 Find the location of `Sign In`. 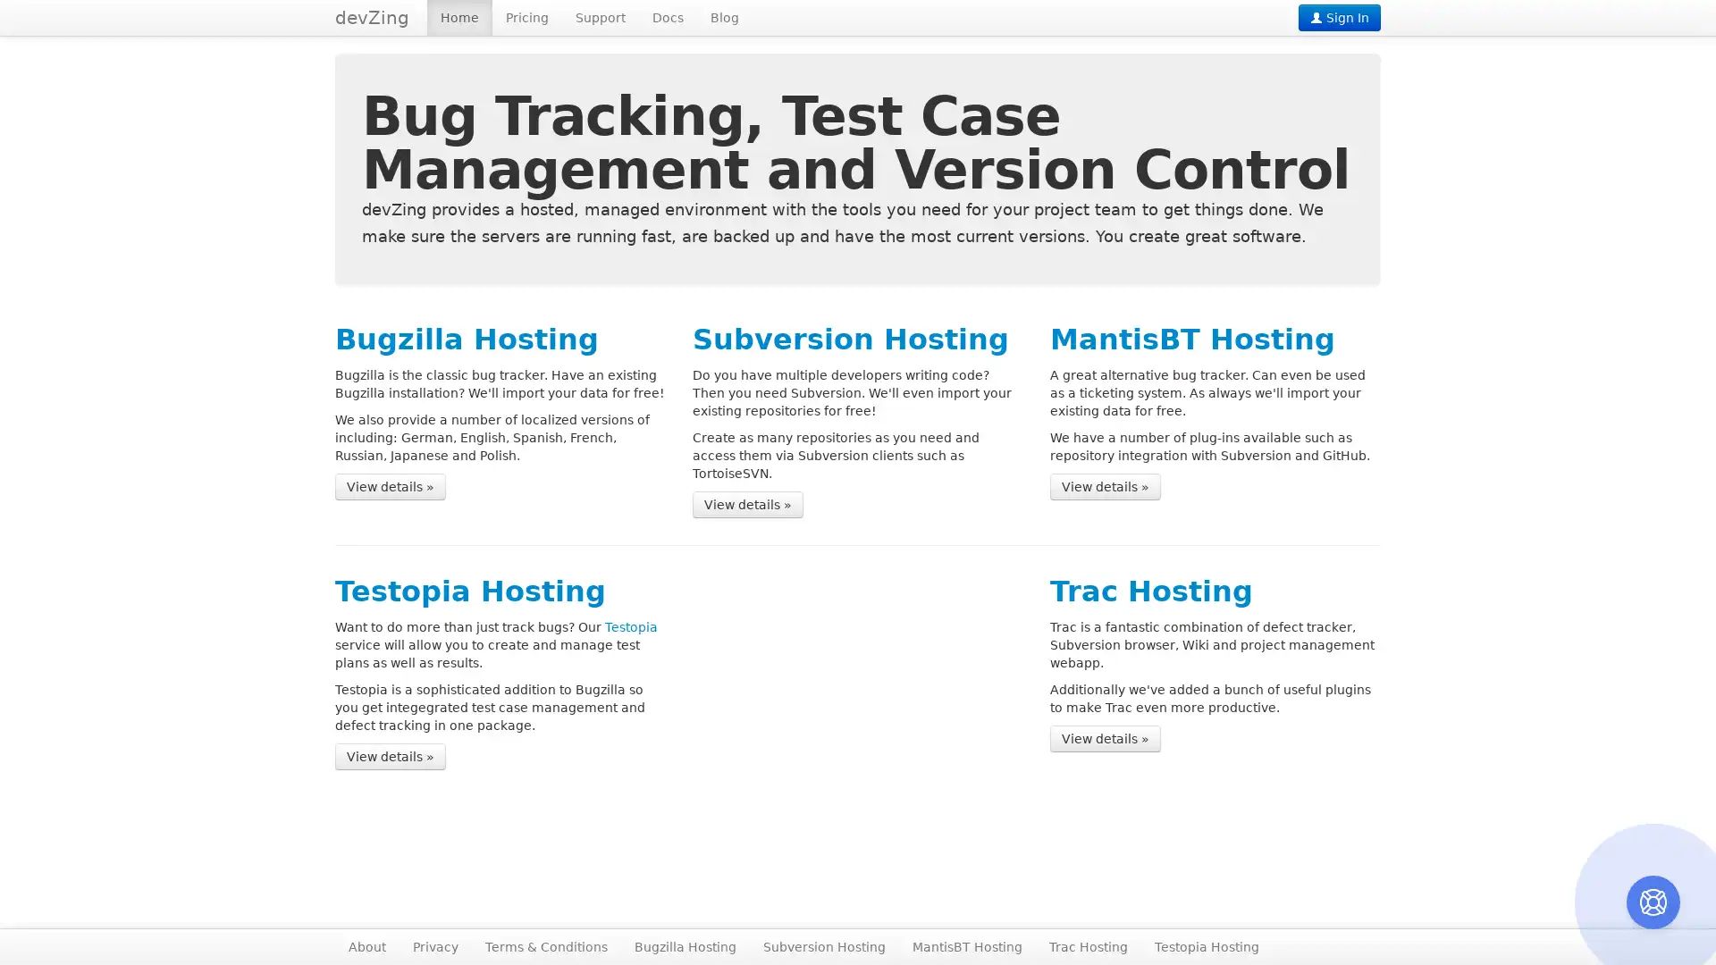

Sign In is located at coordinates (1339, 17).